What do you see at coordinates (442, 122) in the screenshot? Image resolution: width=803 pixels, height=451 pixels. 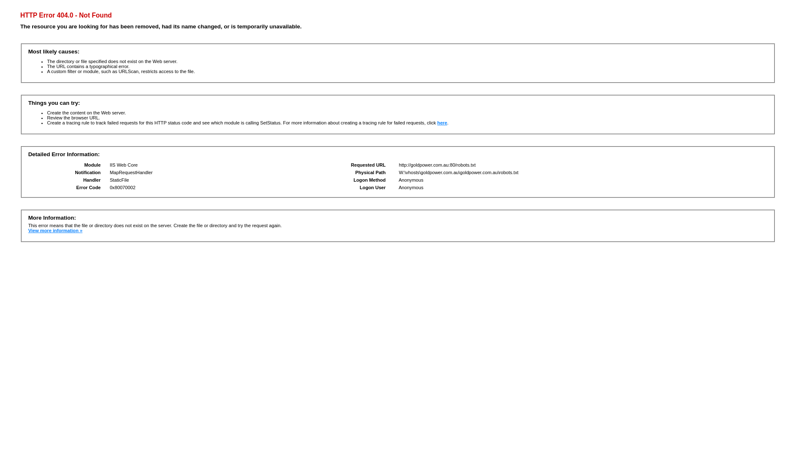 I see `'here'` at bounding box center [442, 122].